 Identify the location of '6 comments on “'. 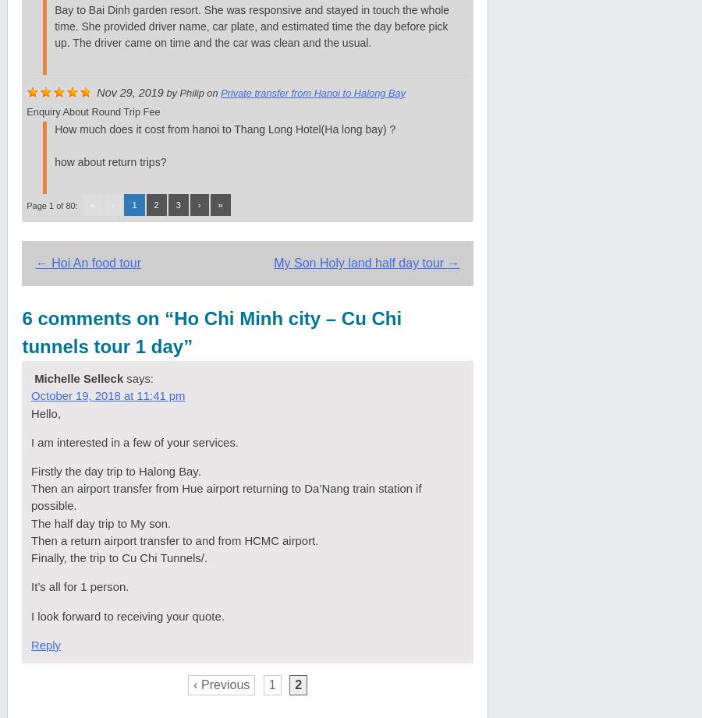
(97, 318).